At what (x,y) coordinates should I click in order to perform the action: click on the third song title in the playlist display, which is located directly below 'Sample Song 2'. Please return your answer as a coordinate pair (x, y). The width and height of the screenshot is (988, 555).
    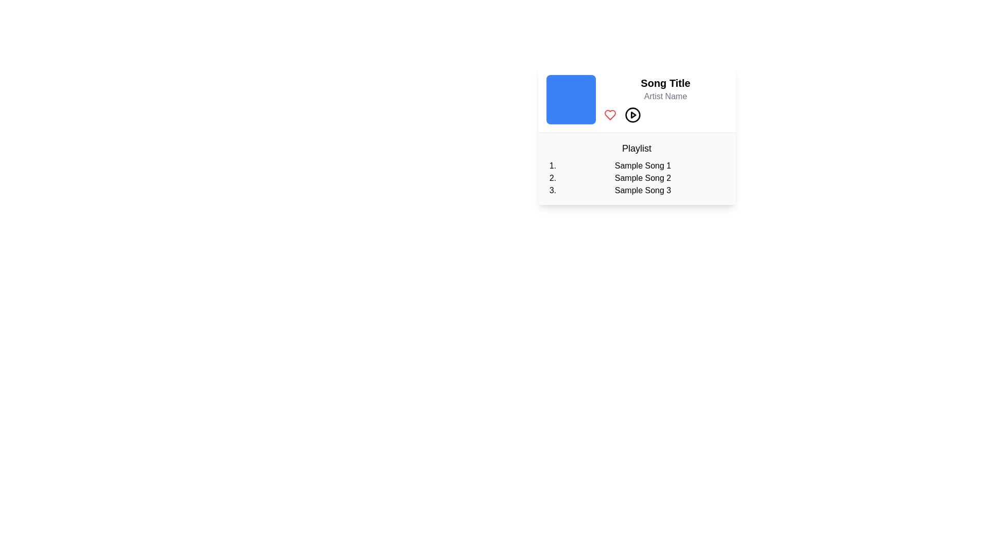
    Looking at the image, I should click on (642, 190).